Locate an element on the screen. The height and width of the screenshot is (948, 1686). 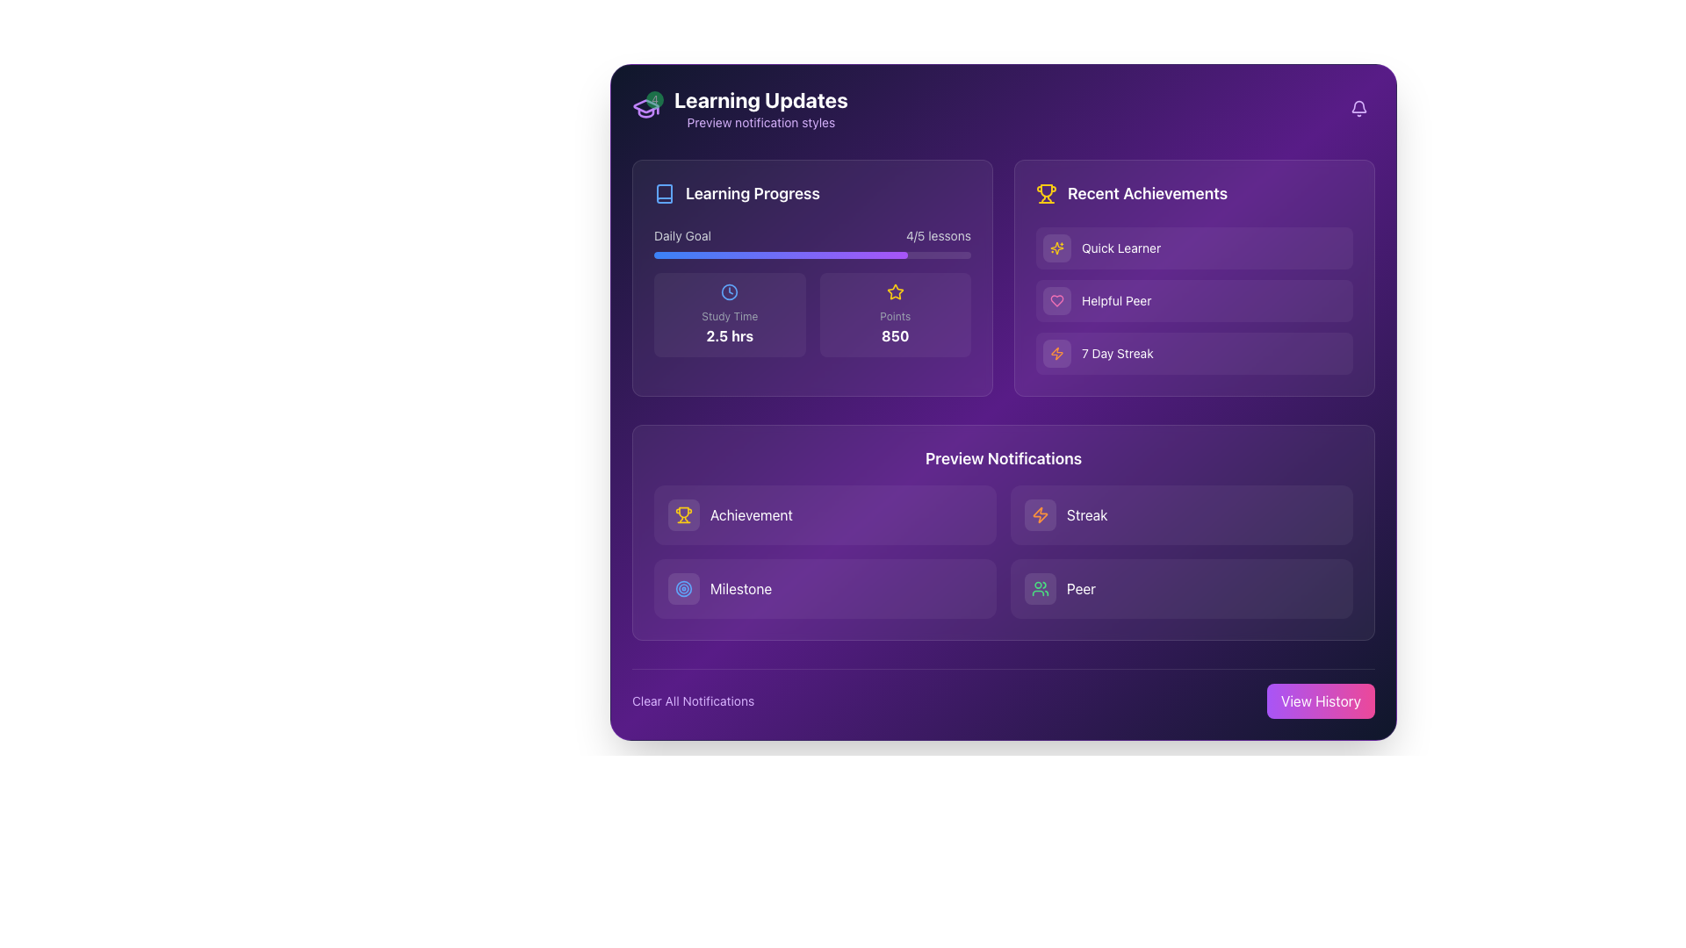
text of the header label for the 'Recent Achievements' section, which is located at the top-right area of the interface, immediately to the right of a trophy icon is located at coordinates (1148, 193).